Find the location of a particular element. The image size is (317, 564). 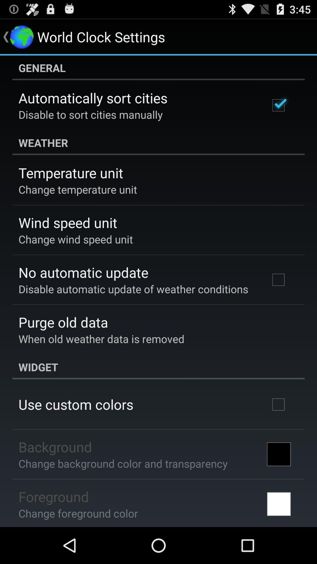

widget item is located at coordinates (158, 367).